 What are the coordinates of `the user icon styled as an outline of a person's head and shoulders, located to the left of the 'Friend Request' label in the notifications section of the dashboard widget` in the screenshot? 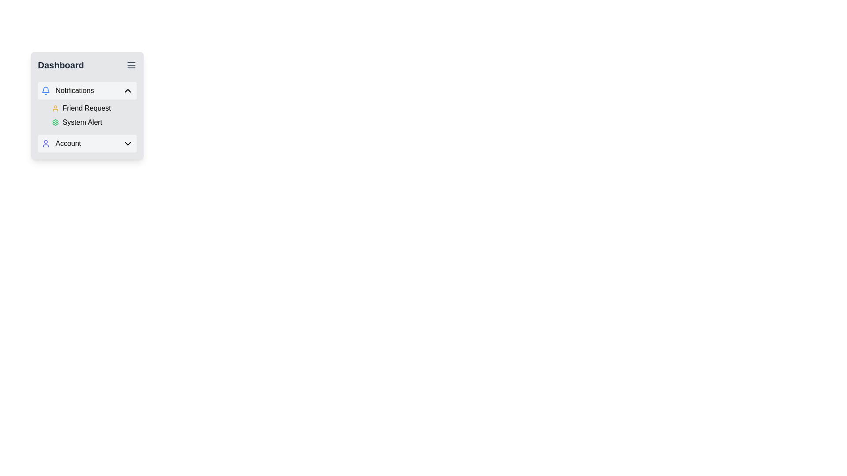 It's located at (55, 108).